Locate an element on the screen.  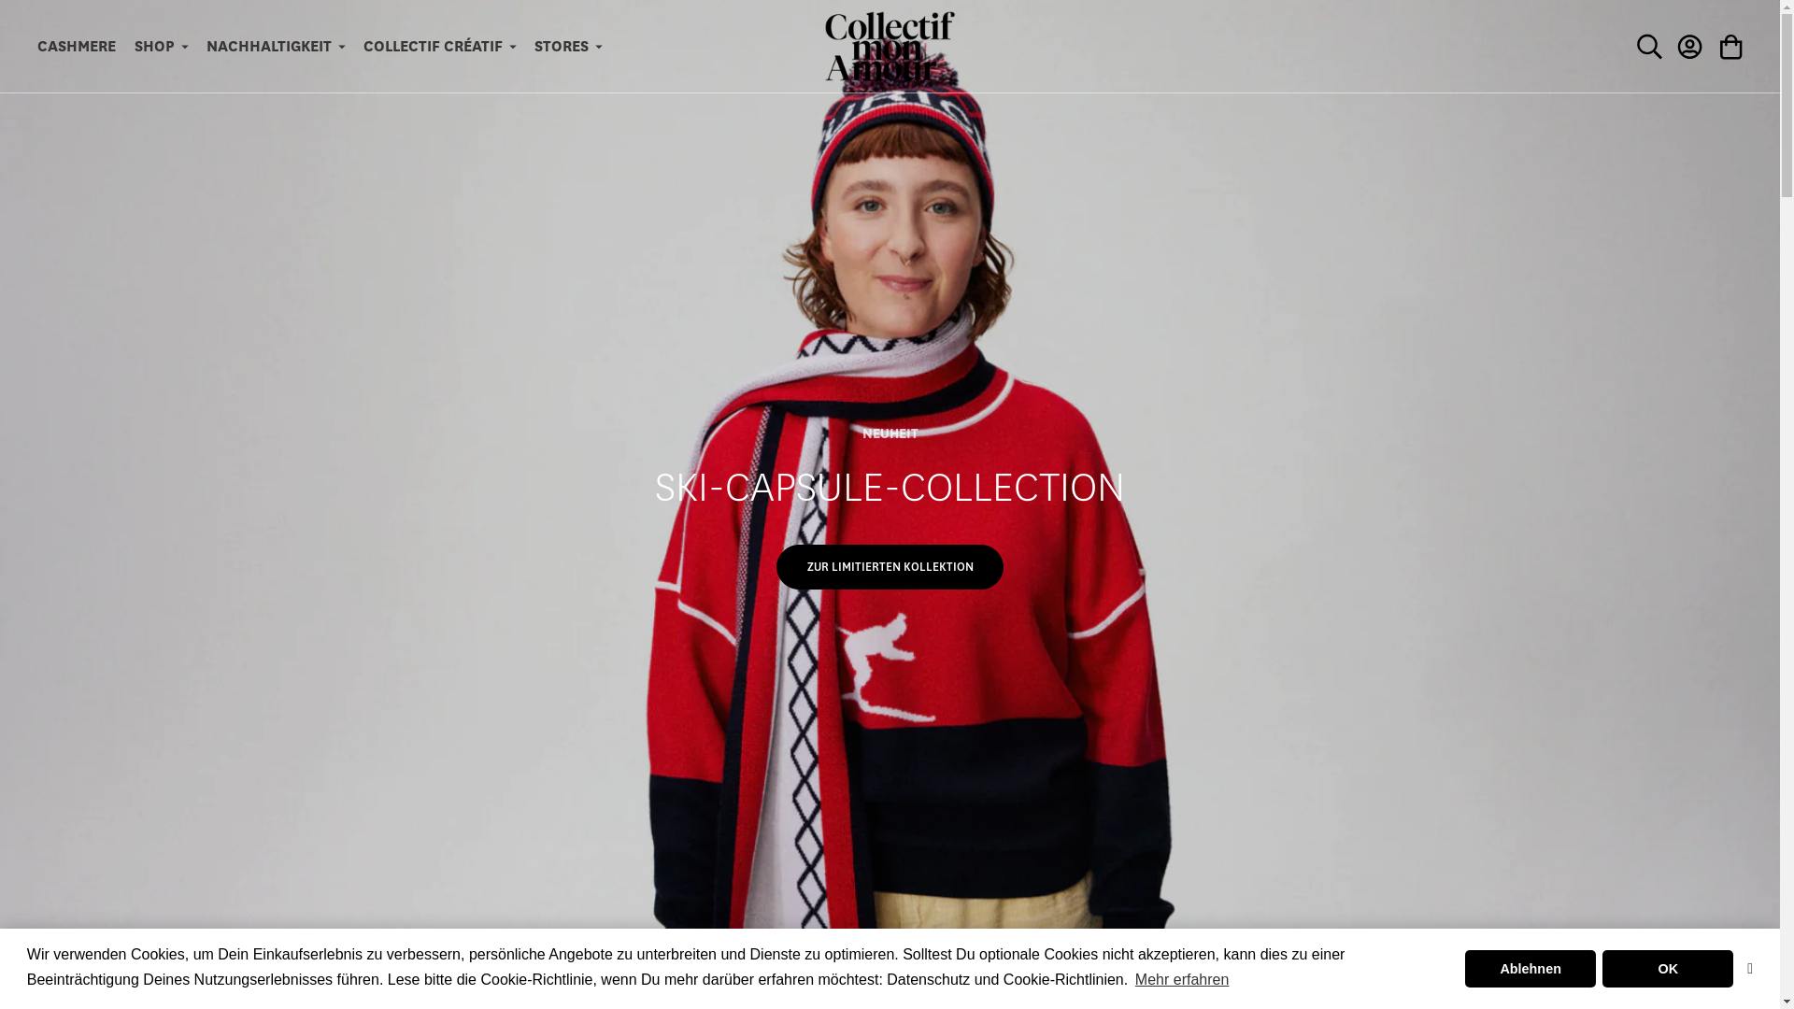
'SHOP' is located at coordinates (161, 46).